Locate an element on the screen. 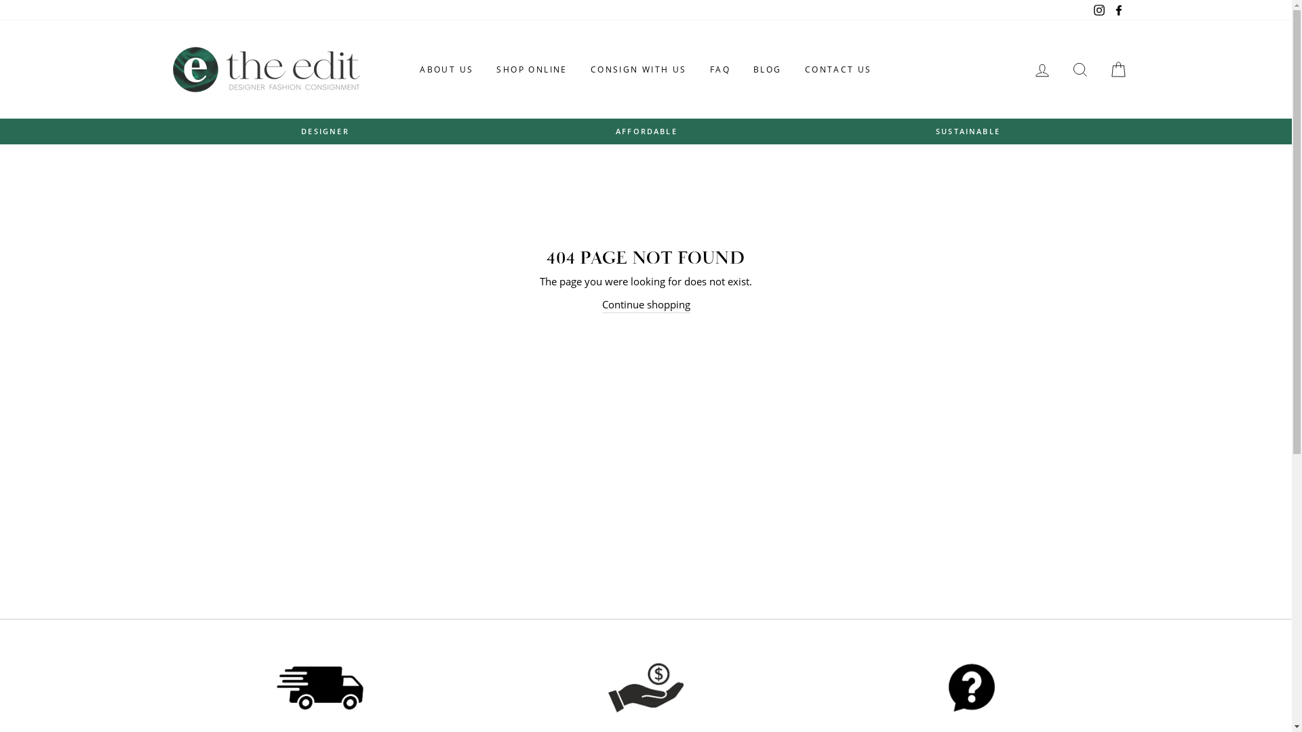 The width and height of the screenshot is (1302, 732). 'FAQ' is located at coordinates (719, 70).